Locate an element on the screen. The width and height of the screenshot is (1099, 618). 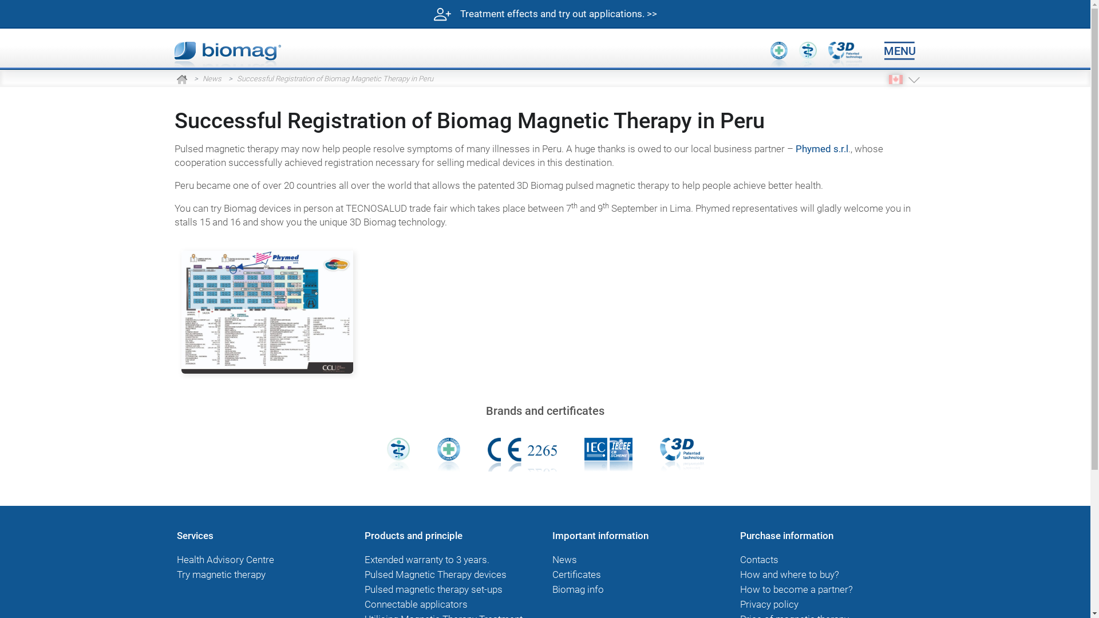
'Medical device' is located at coordinates (807, 54).